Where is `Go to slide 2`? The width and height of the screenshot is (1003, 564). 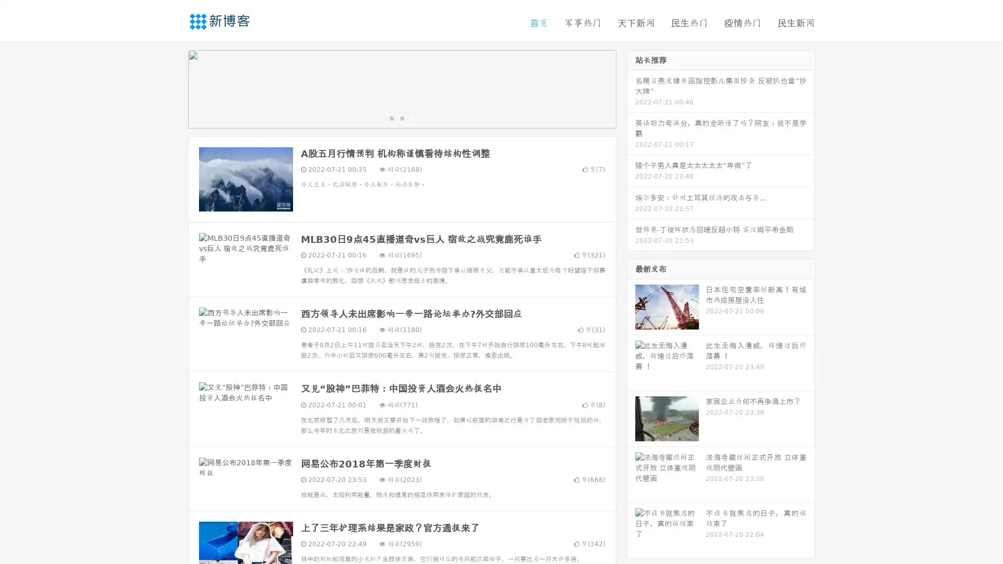 Go to slide 2 is located at coordinates (401, 118).